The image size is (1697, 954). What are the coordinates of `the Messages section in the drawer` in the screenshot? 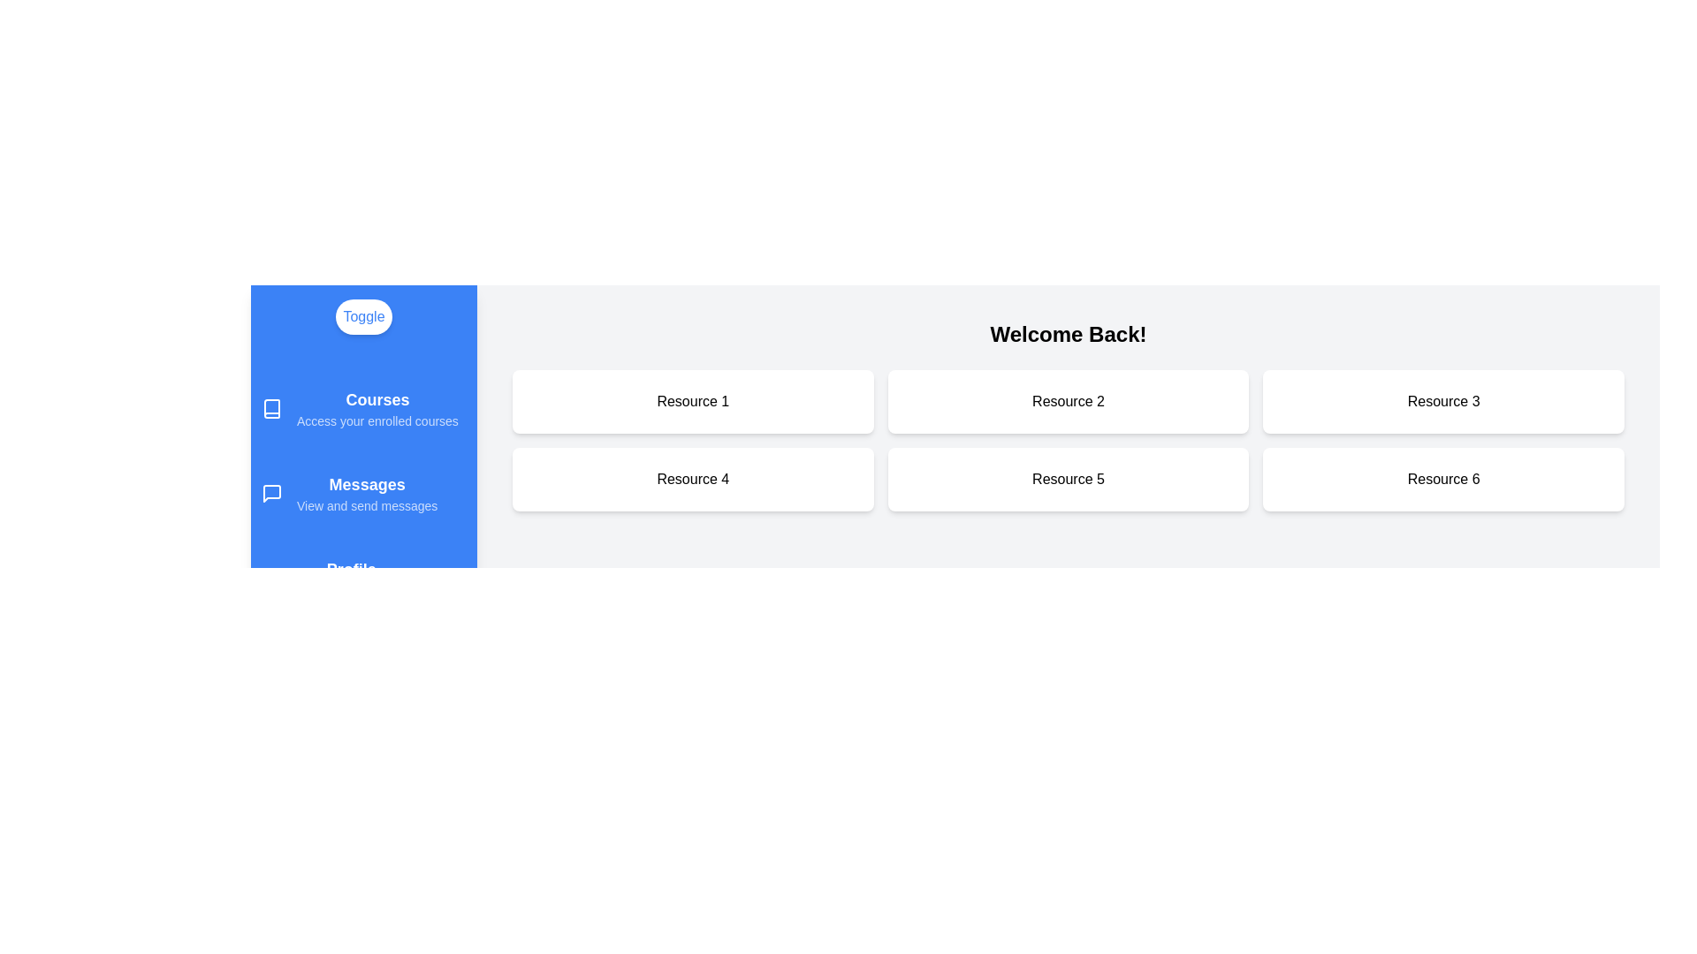 It's located at (363, 494).